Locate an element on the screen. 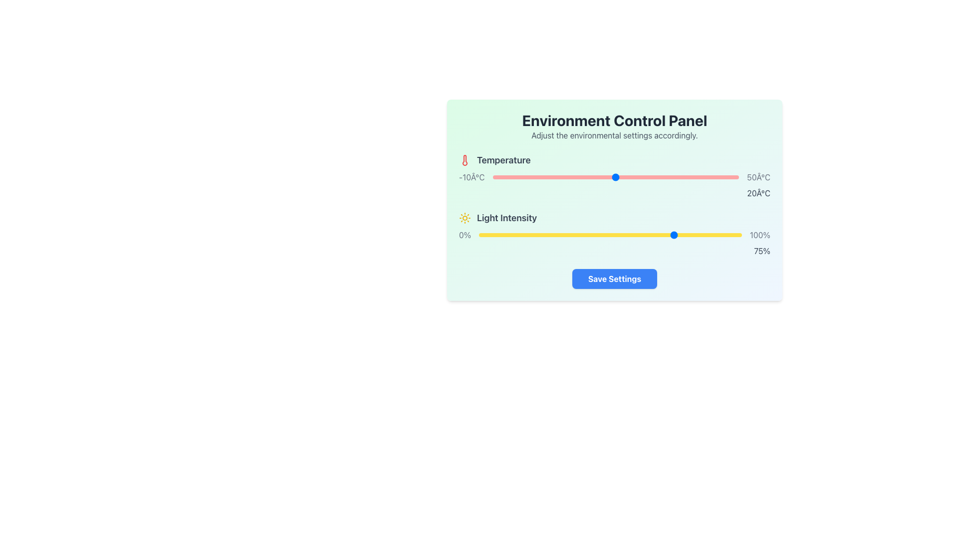 The width and height of the screenshot is (958, 538). text content of the Text Label that serves as the title or header for the environmental controls section, located above the text 'Adjust the environmental settings accordingly.' is located at coordinates (614, 120).